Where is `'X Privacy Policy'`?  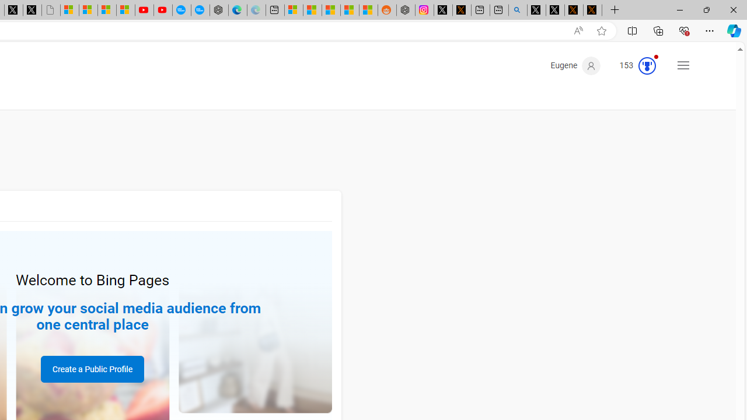
'X Privacy Policy' is located at coordinates (592, 10).